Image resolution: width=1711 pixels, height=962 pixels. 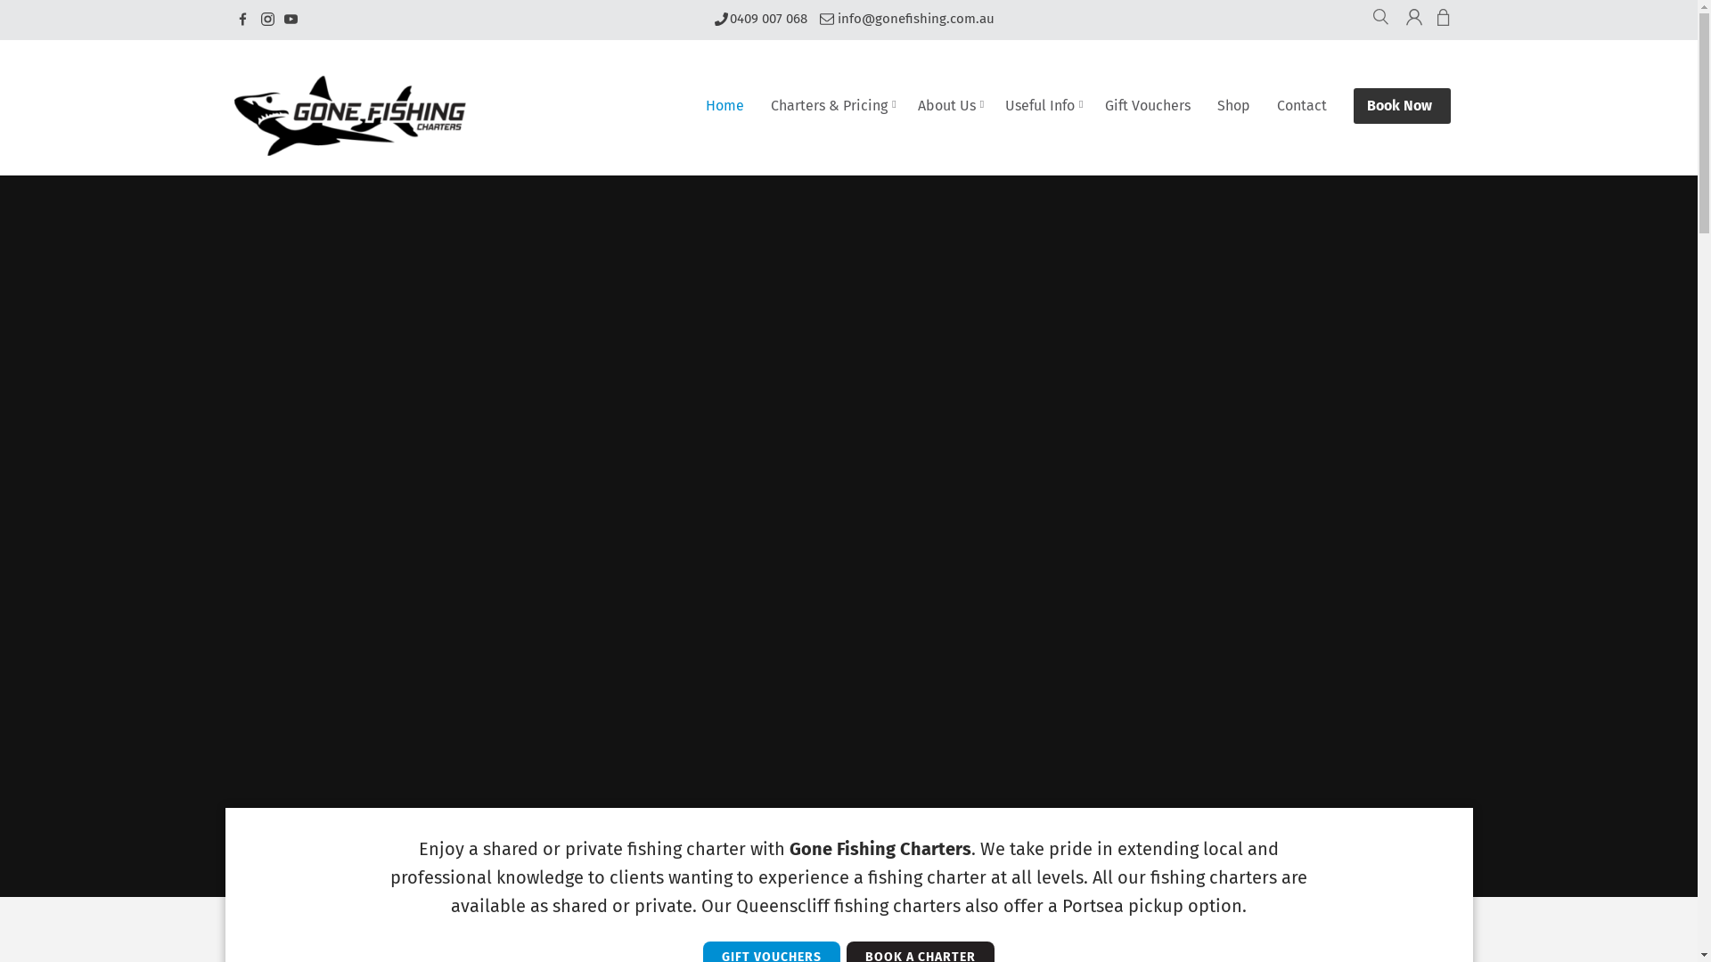 What do you see at coordinates (727, 106) in the screenshot?
I see `'Home'` at bounding box center [727, 106].